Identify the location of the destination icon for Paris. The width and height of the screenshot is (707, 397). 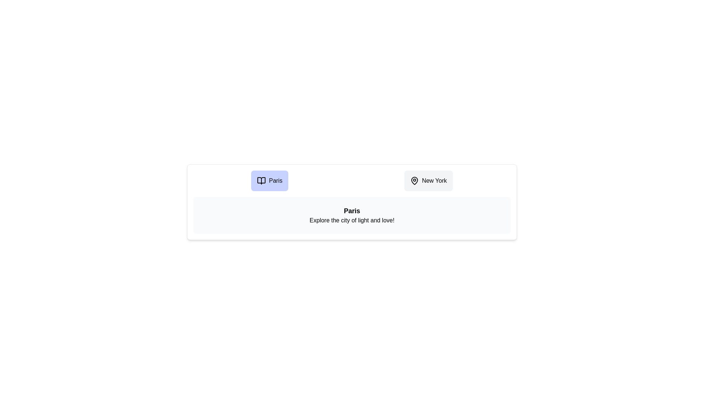
(269, 181).